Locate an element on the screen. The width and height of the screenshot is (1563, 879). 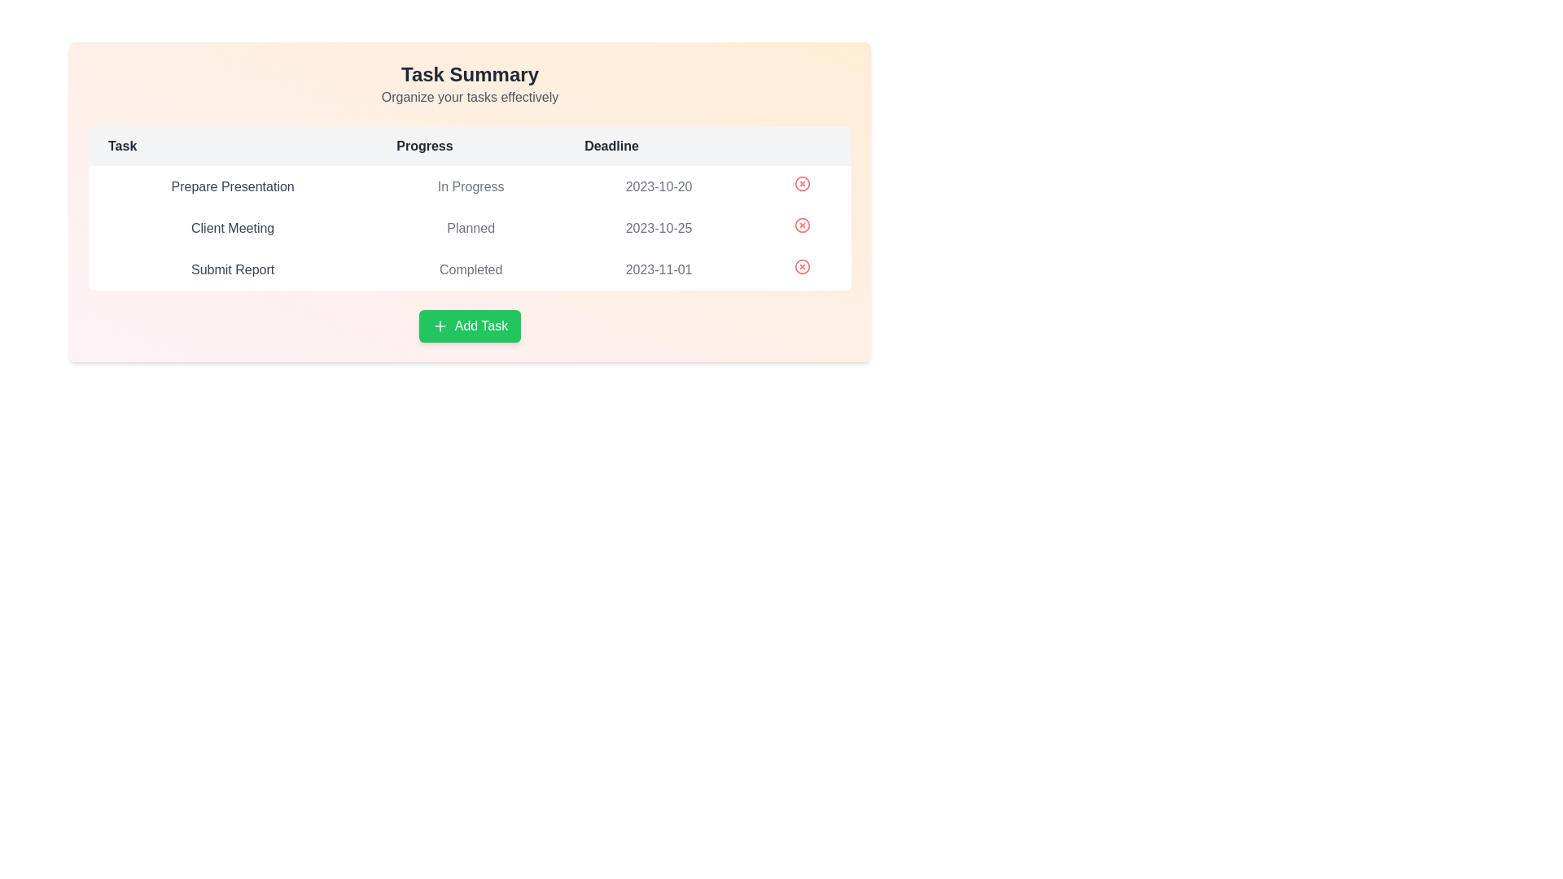
the task row corresponding to Client Meeting is located at coordinates (469, 228).